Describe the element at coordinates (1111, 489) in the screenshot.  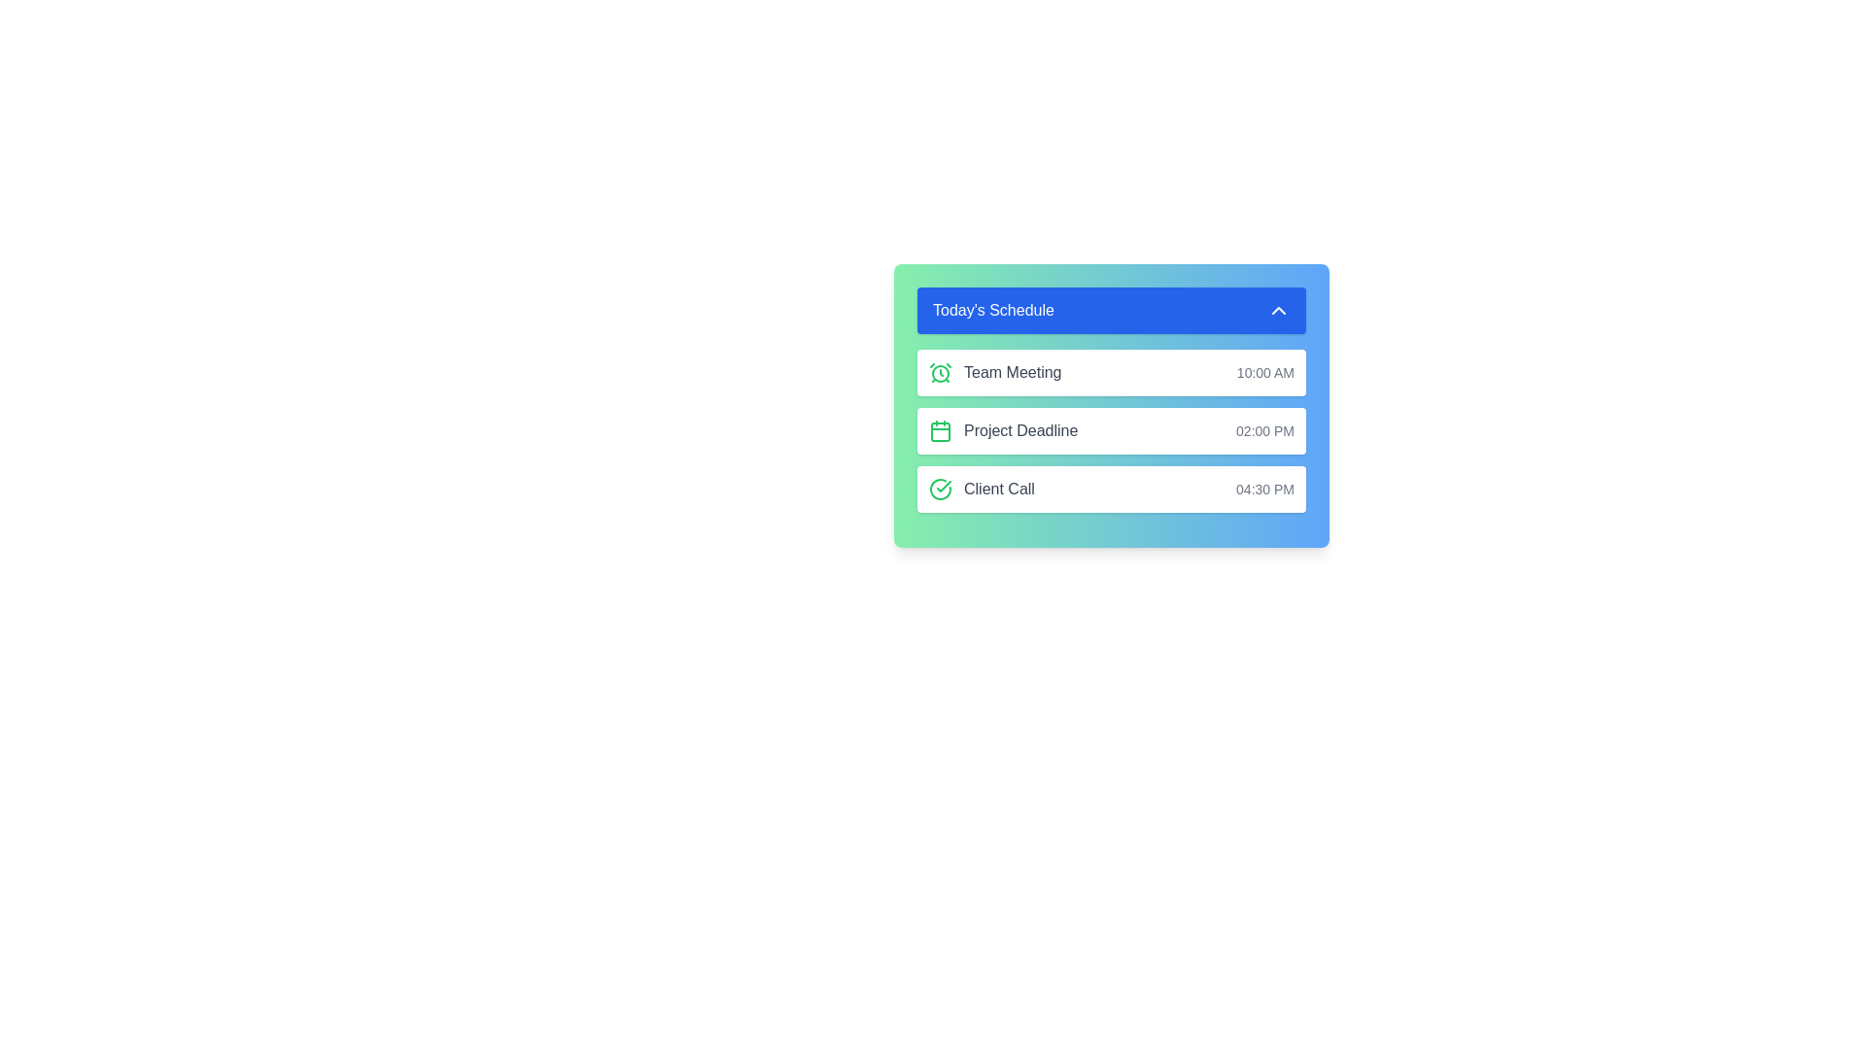
I see `the schedule item corresponding to Client Call` at that location.